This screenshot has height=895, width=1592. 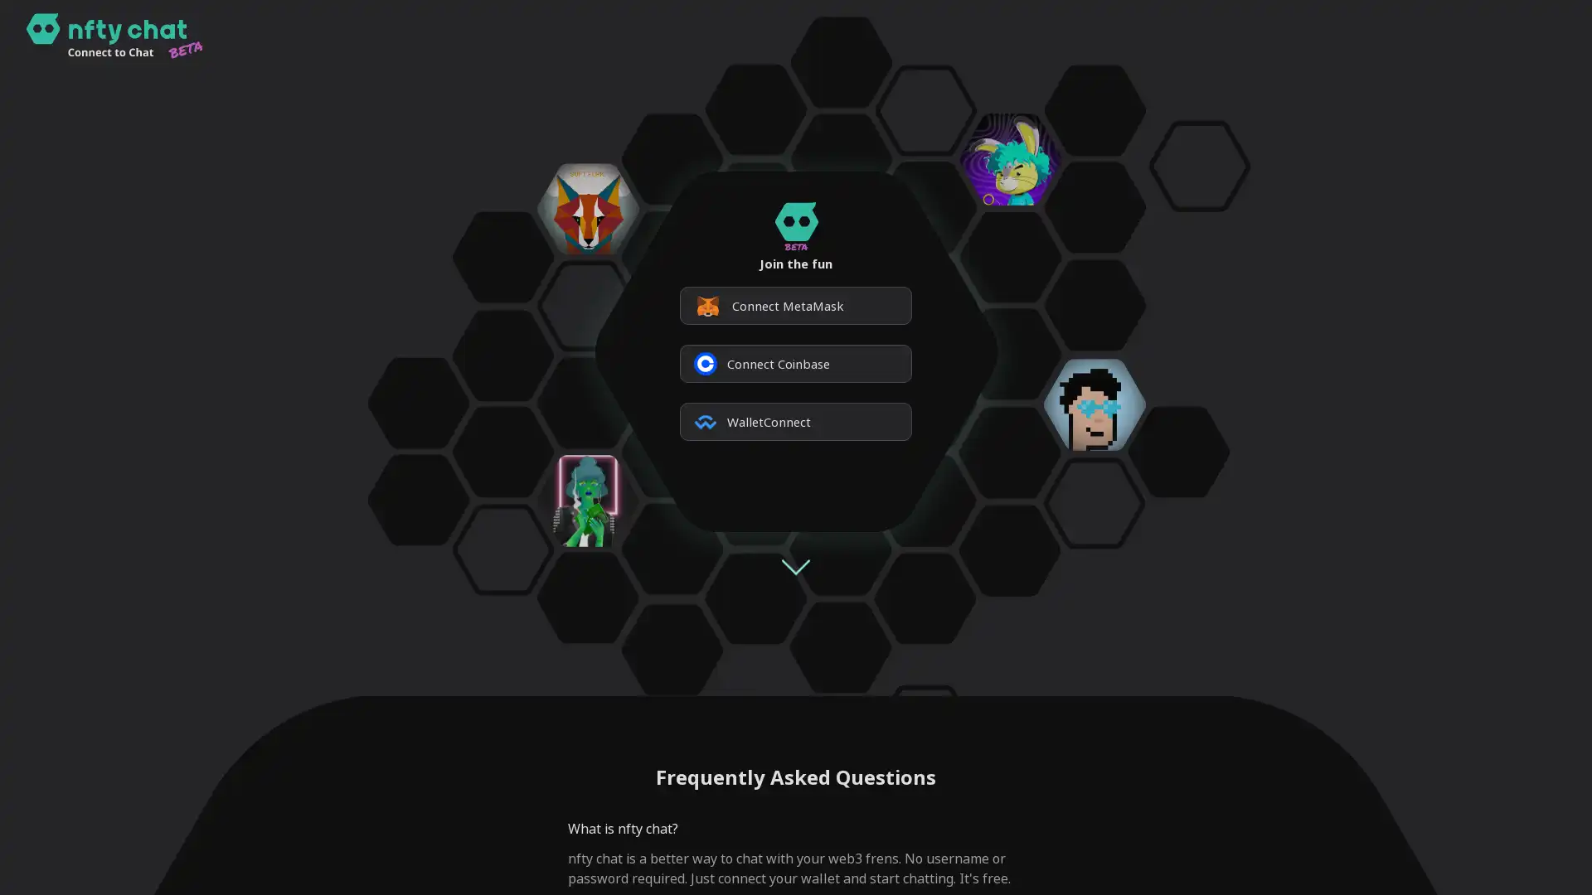 What do you see at coordinates (796, 421) in the screenshot?
I see `Wallet Connect WalletConnect` at bounding box center [796, 421].